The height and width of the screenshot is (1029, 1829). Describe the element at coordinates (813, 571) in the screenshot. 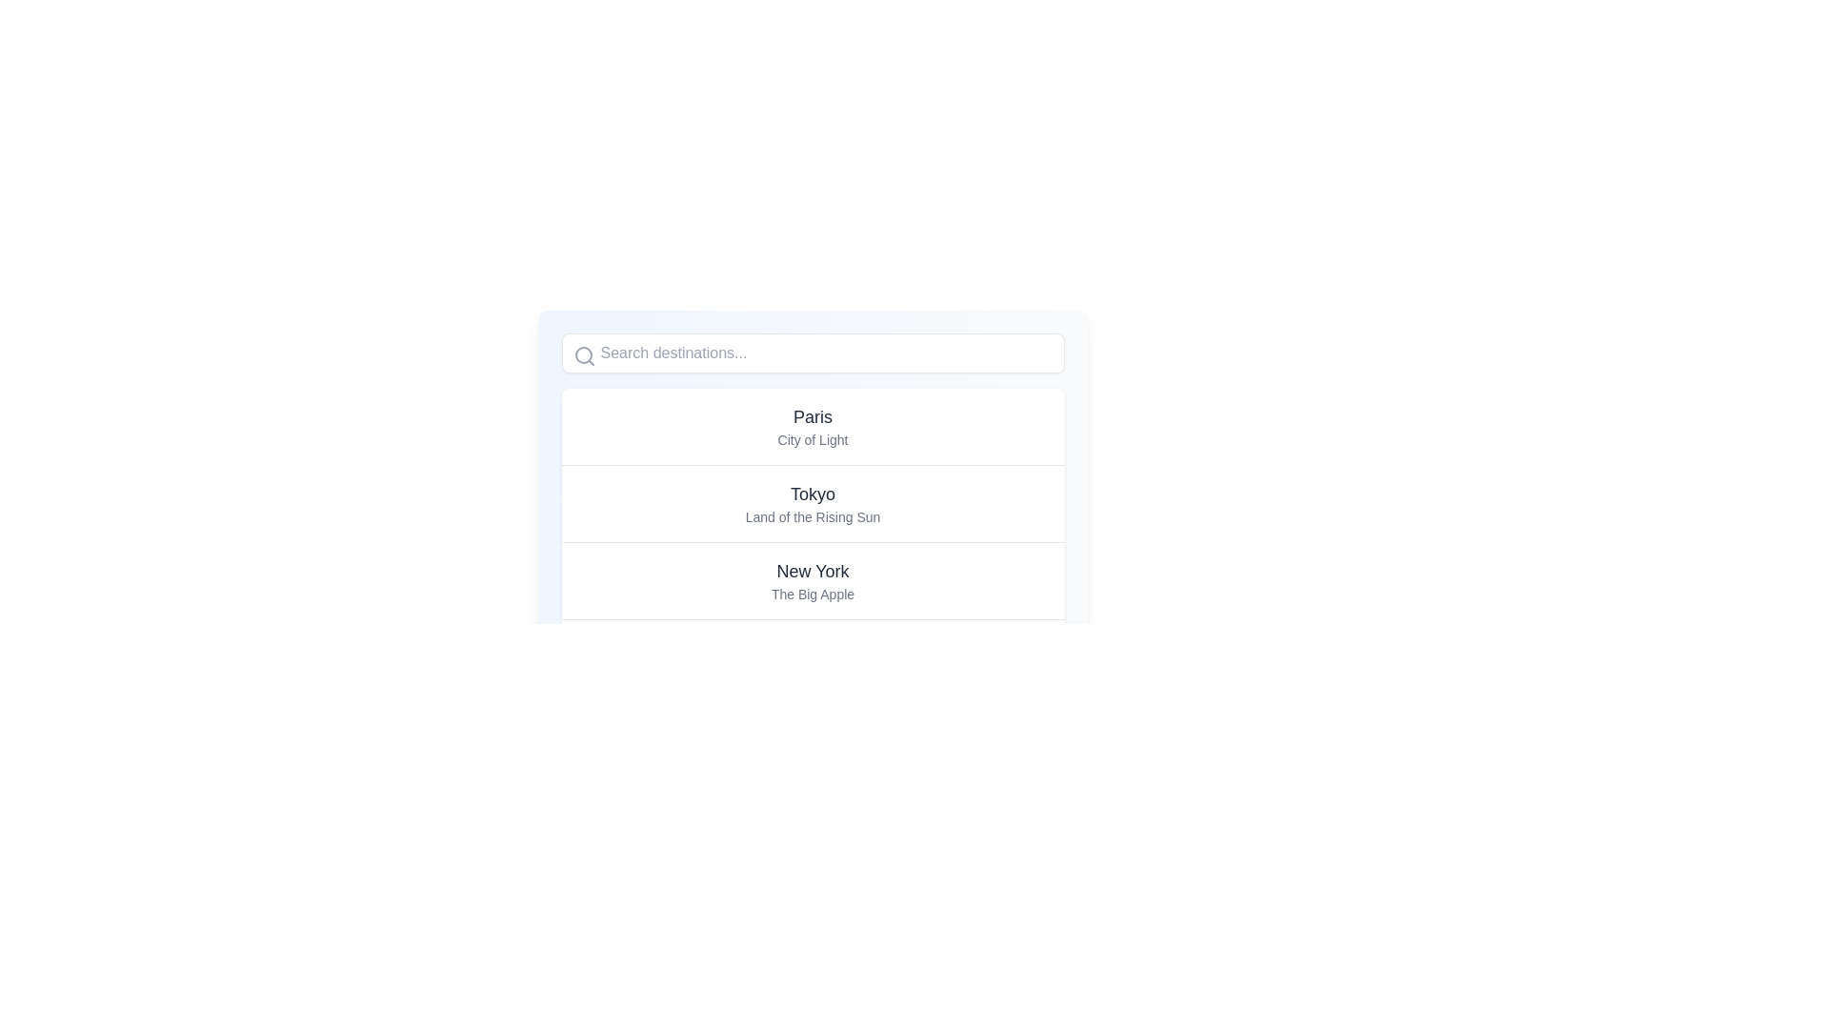

I see `the text element displaying the destination name 'New York', which is positioned prominently in a list between 'Tokyo' and its descriptor text 'The Big Apple'` at that location.